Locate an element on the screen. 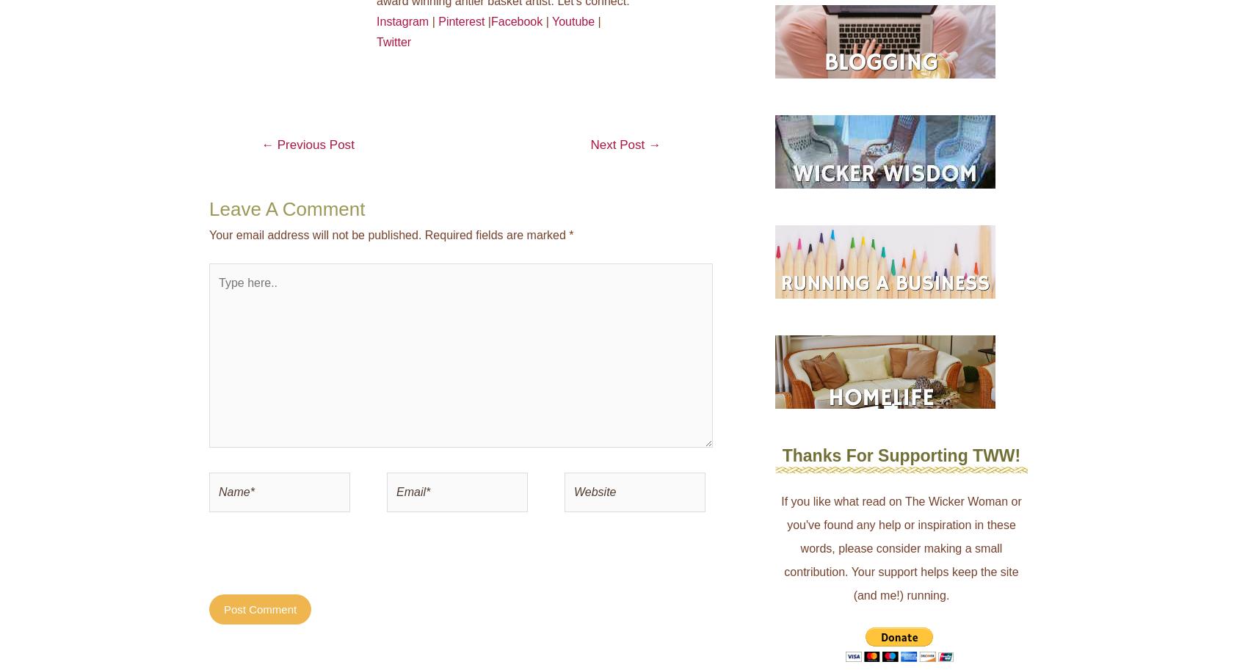 Image resolution: width=1248 pixels, height=670 pixels. 'Instagram' is located at coordinates (402, 21).